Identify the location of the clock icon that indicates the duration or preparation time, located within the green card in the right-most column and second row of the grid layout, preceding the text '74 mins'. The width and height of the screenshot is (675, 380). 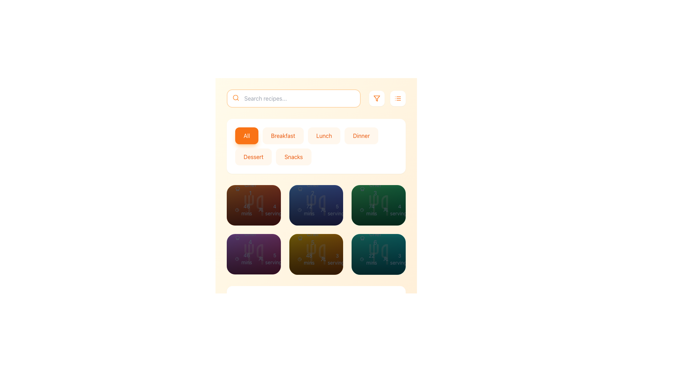
(362, 210).